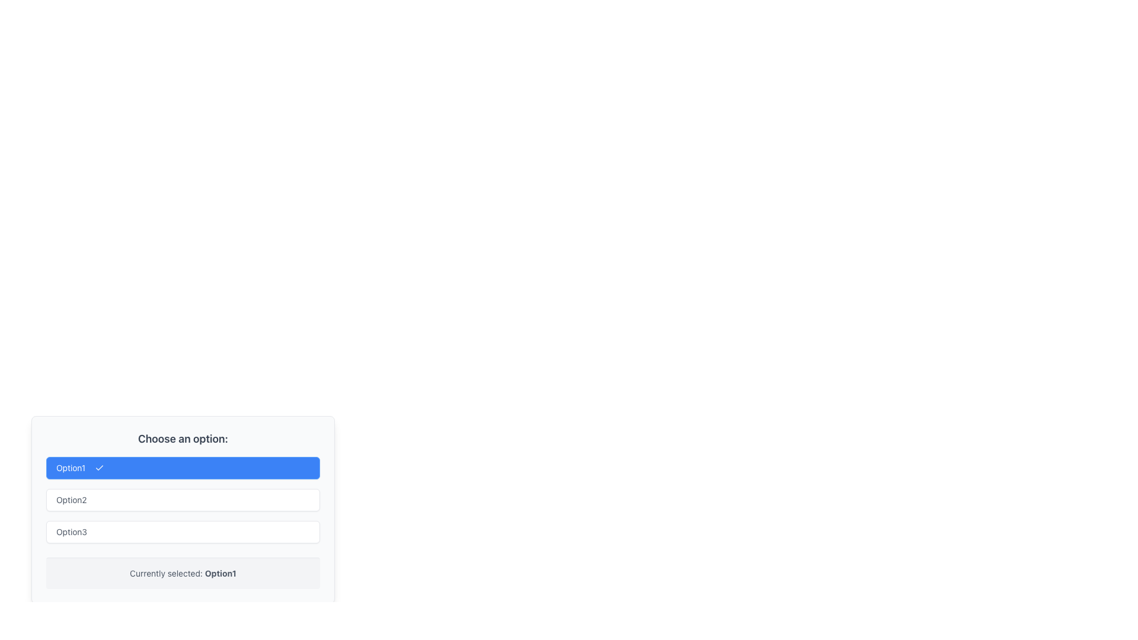 This screenshot has width=1138, height=640. Describe the element at coordinates (71, 532) in the screenshot. I see `the text label 'Option3' which indicates the third selectable option in the dropdown list located under the heading 'Choose an option:'` at that location.